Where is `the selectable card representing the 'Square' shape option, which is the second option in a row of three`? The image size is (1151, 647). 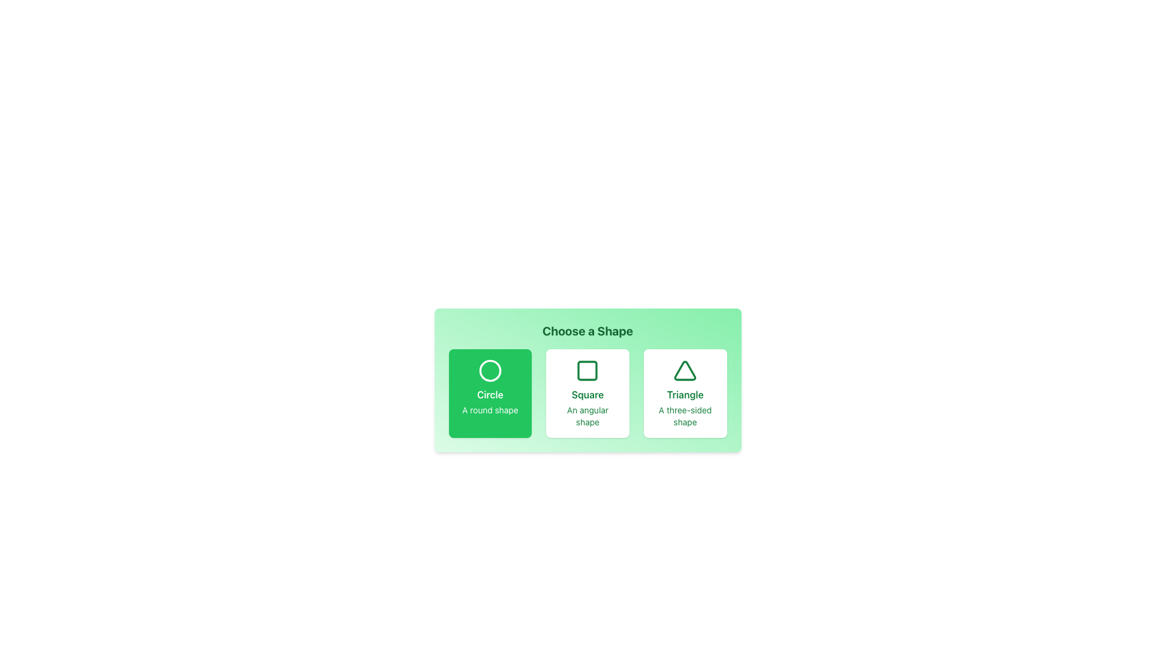
the selectable card representing the 'Square' shape option, which is the second option in a row of three is located at coordinates (587, 393).